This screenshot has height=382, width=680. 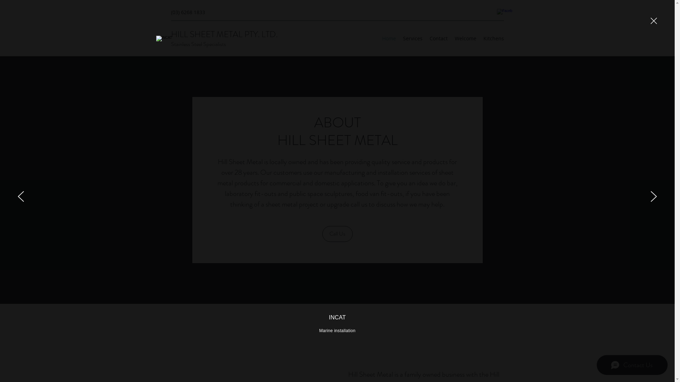 What do you see at coordinates (413, 38) in the screenshot?
I see `'Services'` at bounding box center [413, 38].